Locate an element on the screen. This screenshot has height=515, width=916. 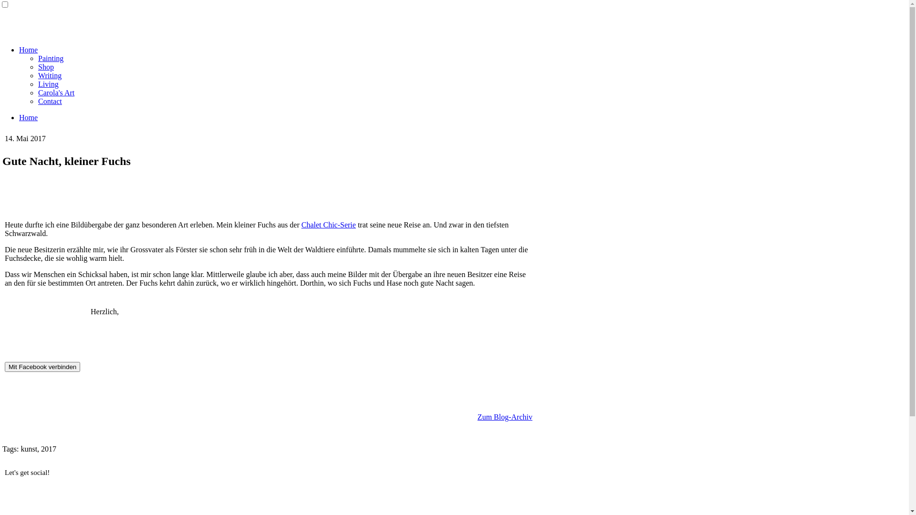
'Painting' is located at coordinates (50, 58).